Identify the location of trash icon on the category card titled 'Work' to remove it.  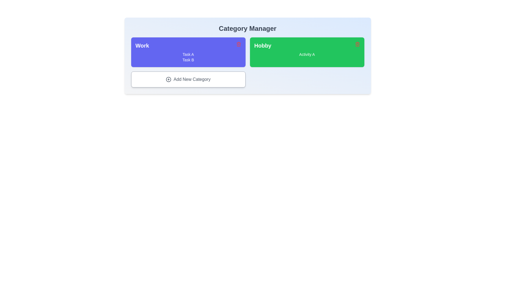
(238, 44).